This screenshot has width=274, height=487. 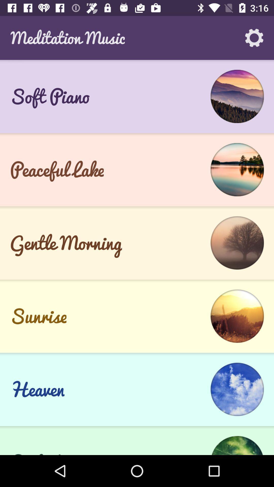 I want to click on the peaceful lake item, so click(x=57, y=169).